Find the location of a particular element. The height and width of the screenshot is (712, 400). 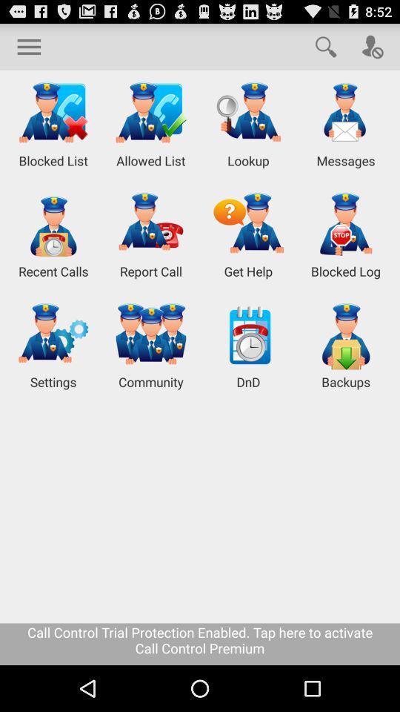

sitting is located at coordinates (29, 46).